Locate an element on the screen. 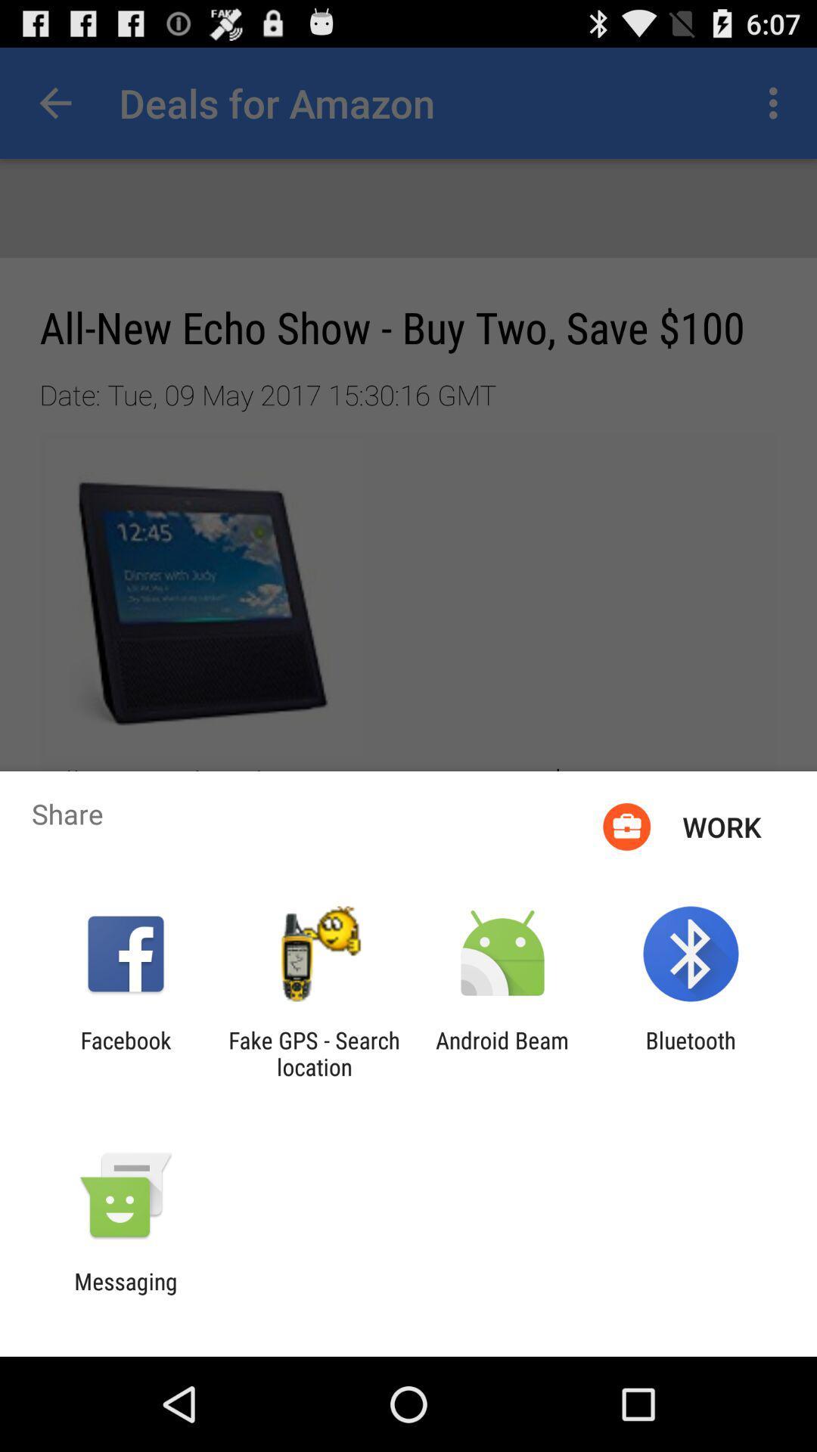  bluetooth item is located at coordinates (691, 1053).